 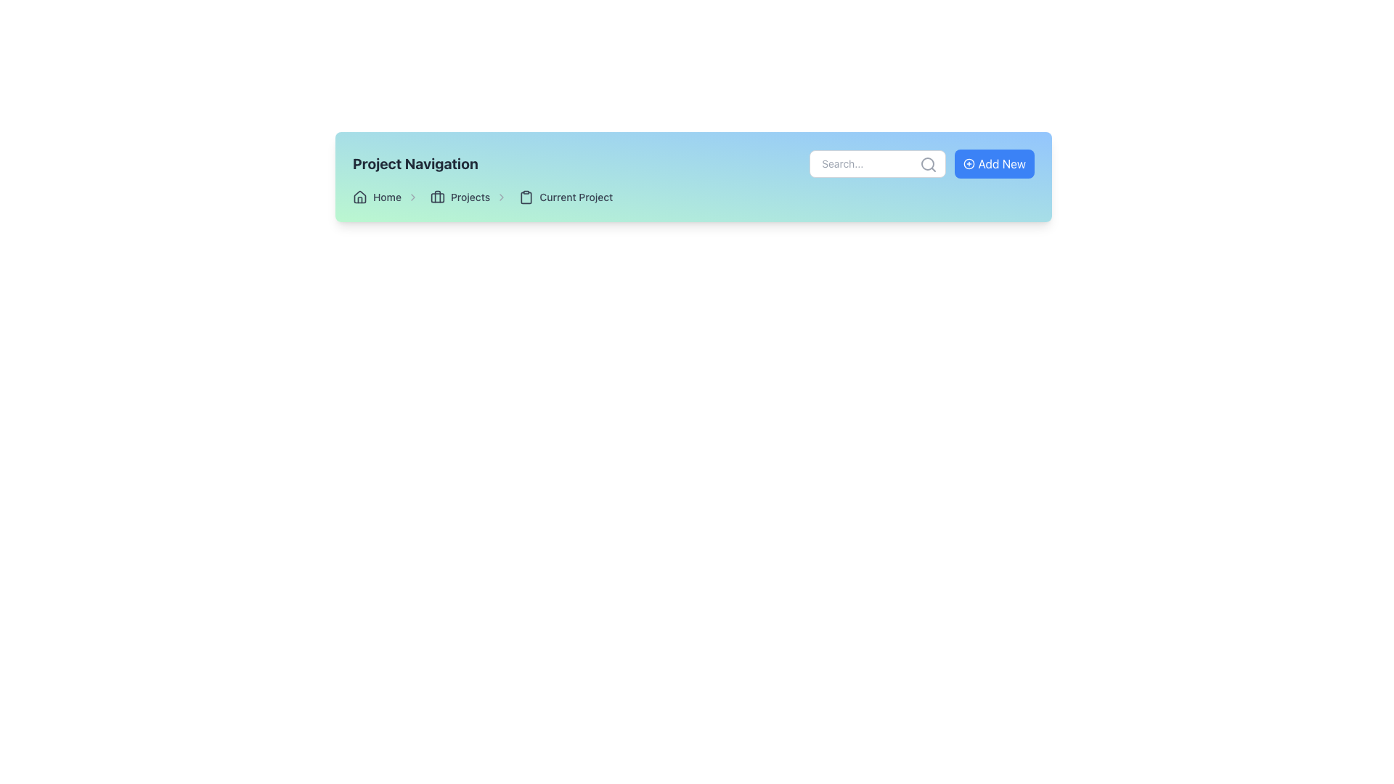 I want to click on left vertical line of the briefcase icon in the 'Projects' section of the breadcrumb navigation in the header bar, so click(x=437, y=196).